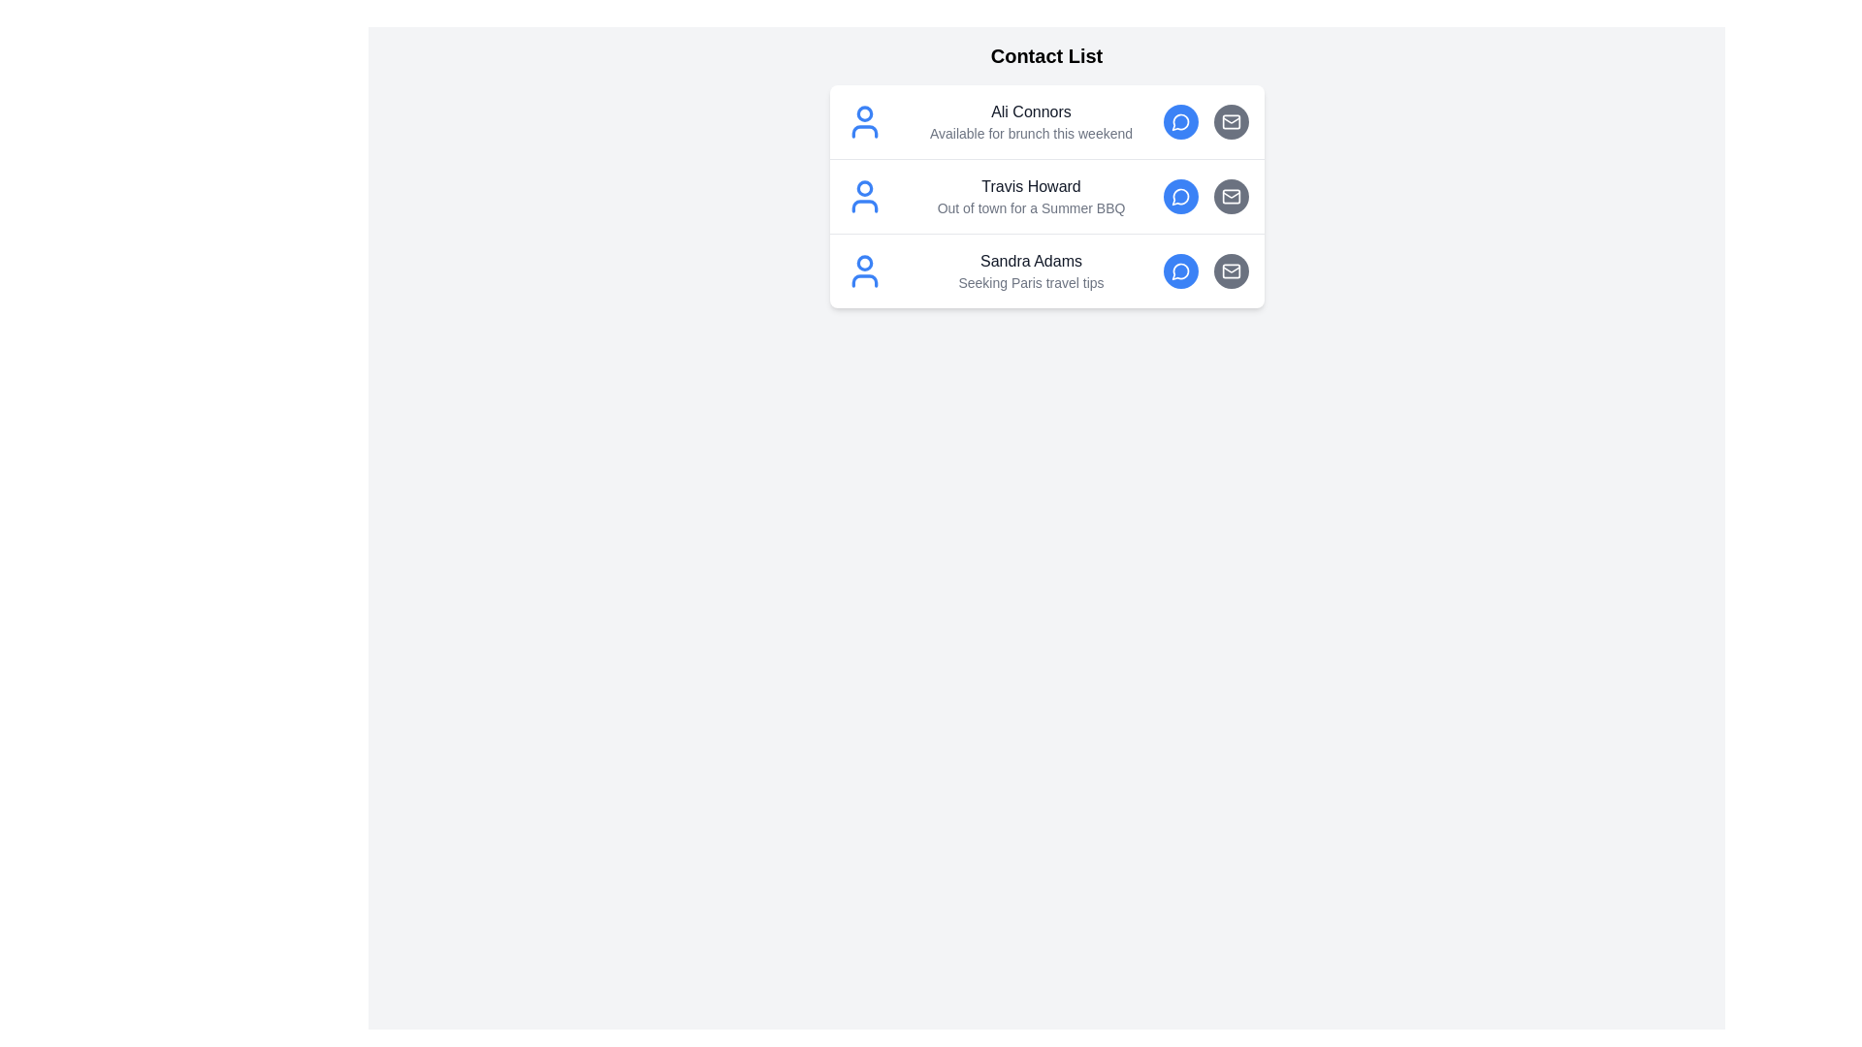 The width and height of the screenshot is (1862, 1047). What do you see at coordinates (863, 113) in the screenshot?
I see `the small blue decorative SVG circle within the user profile icon for 'Ali Connors' in the Contact List section` at bounding box center [863, 113].